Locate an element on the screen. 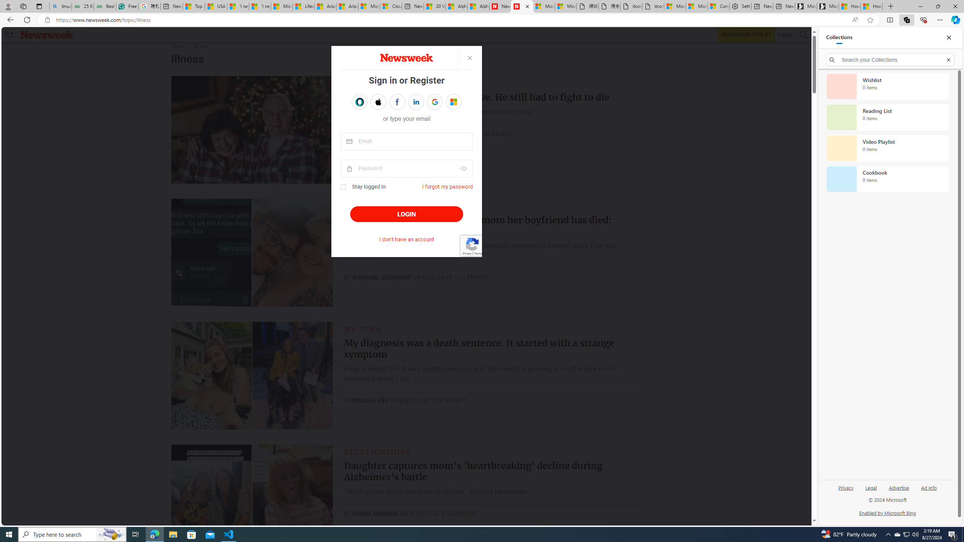 The height and width of the screenshot is (542, 964). 'Exit search' is located at coordinates (949, 59).